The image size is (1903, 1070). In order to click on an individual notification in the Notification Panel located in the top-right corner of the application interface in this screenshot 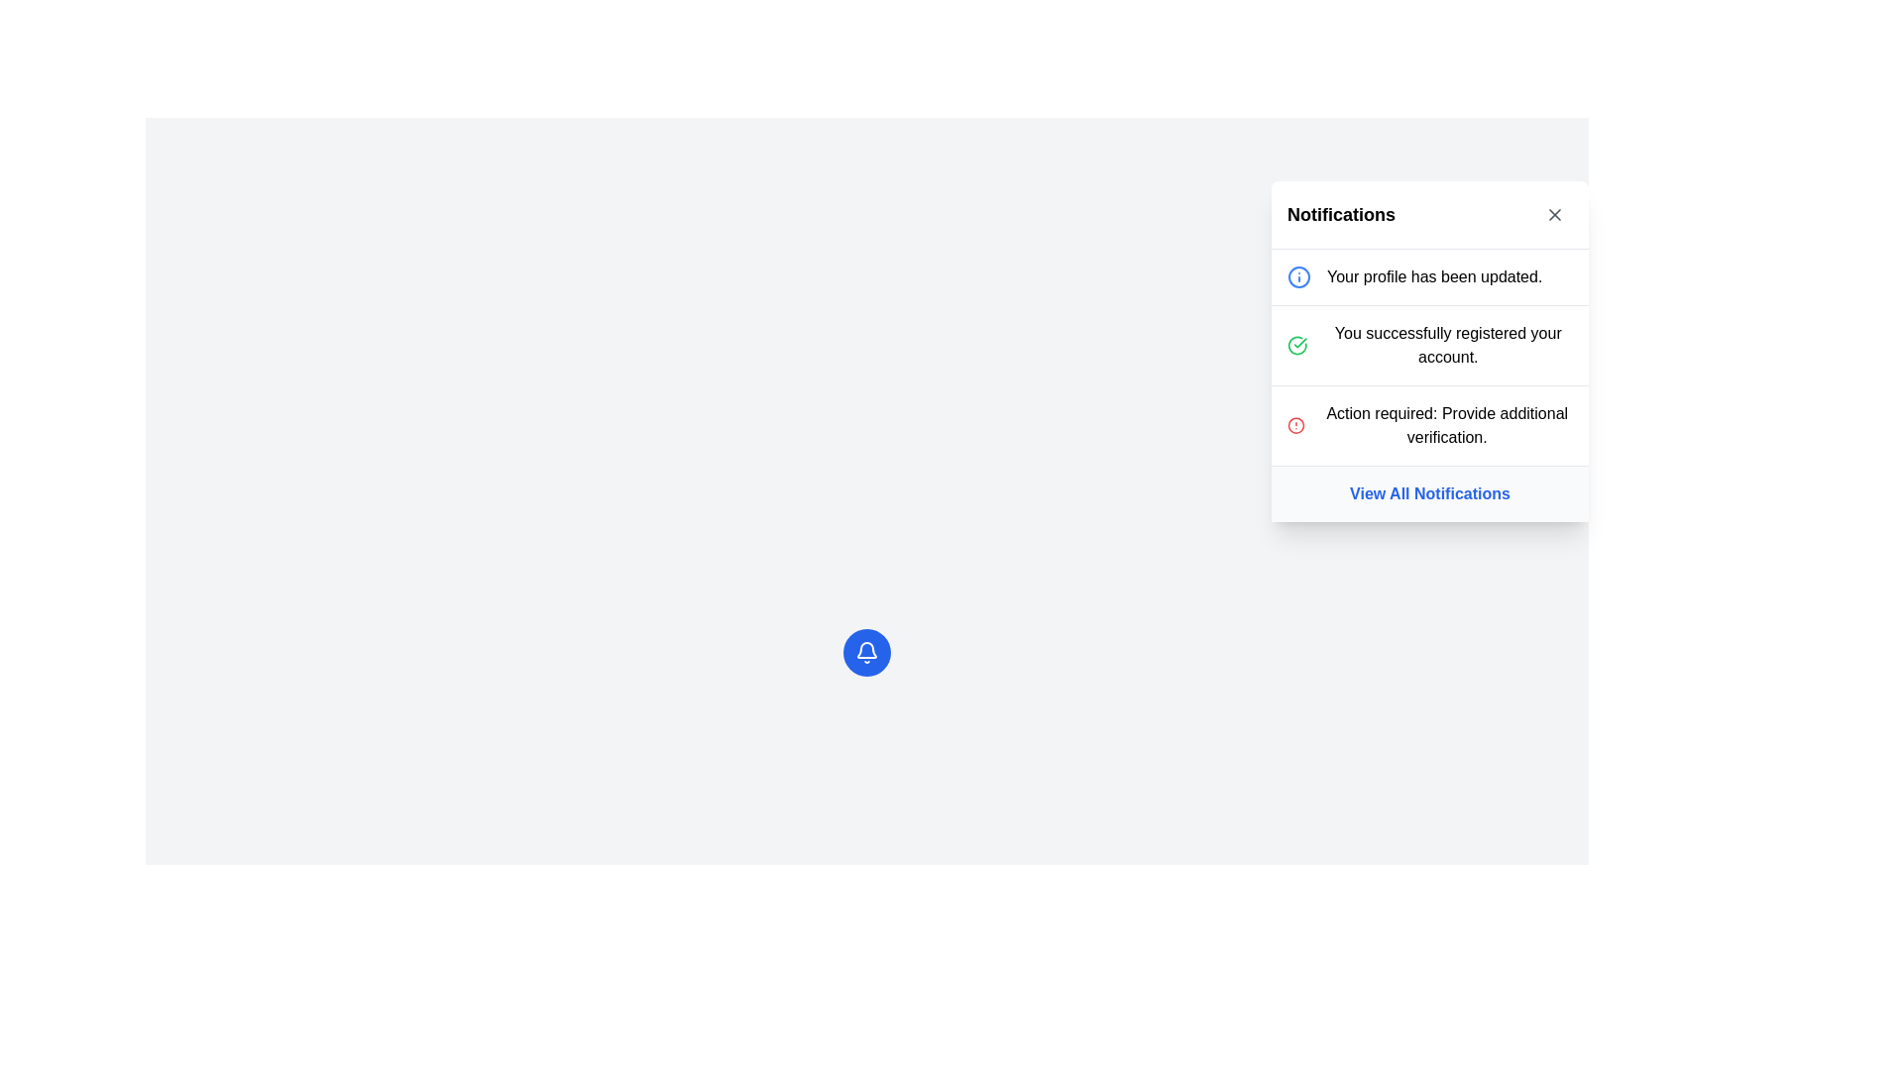, I will do `click(1430, 350)`.